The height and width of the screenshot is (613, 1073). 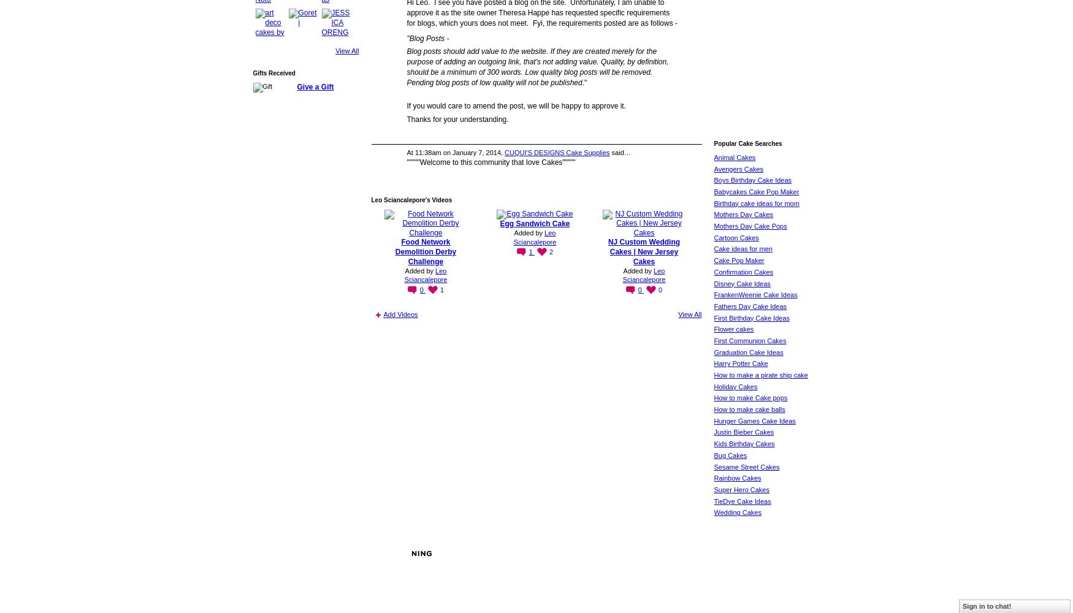 What do you see at coordinates (738, 169) in the screenshot?
I see `'Avengers Cakes'` at bounding box center [738, 169].